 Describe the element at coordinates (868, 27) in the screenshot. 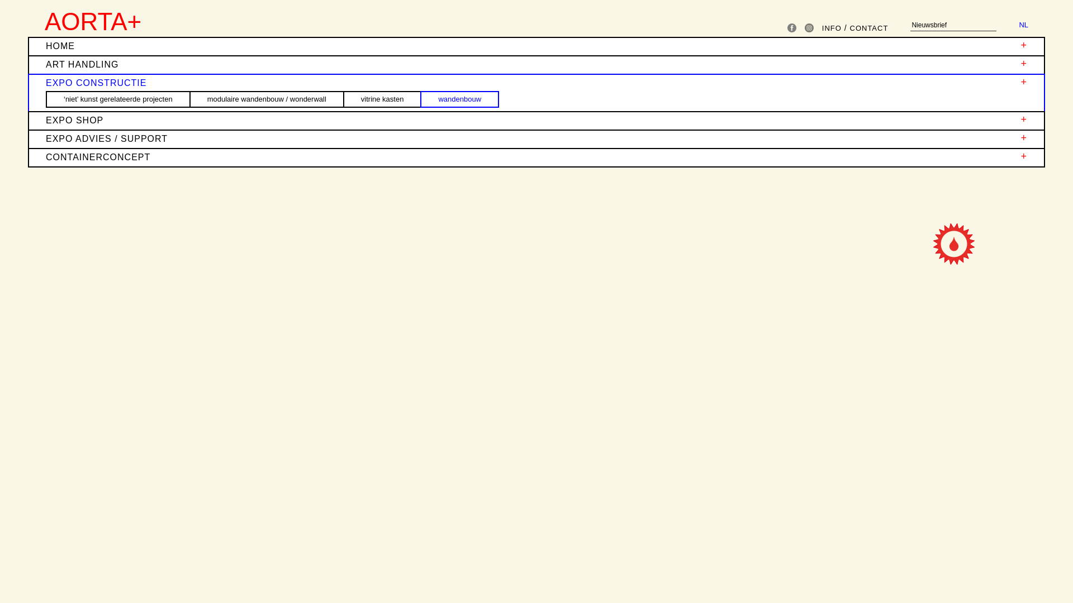

I see `'CONTACT'` at that location.